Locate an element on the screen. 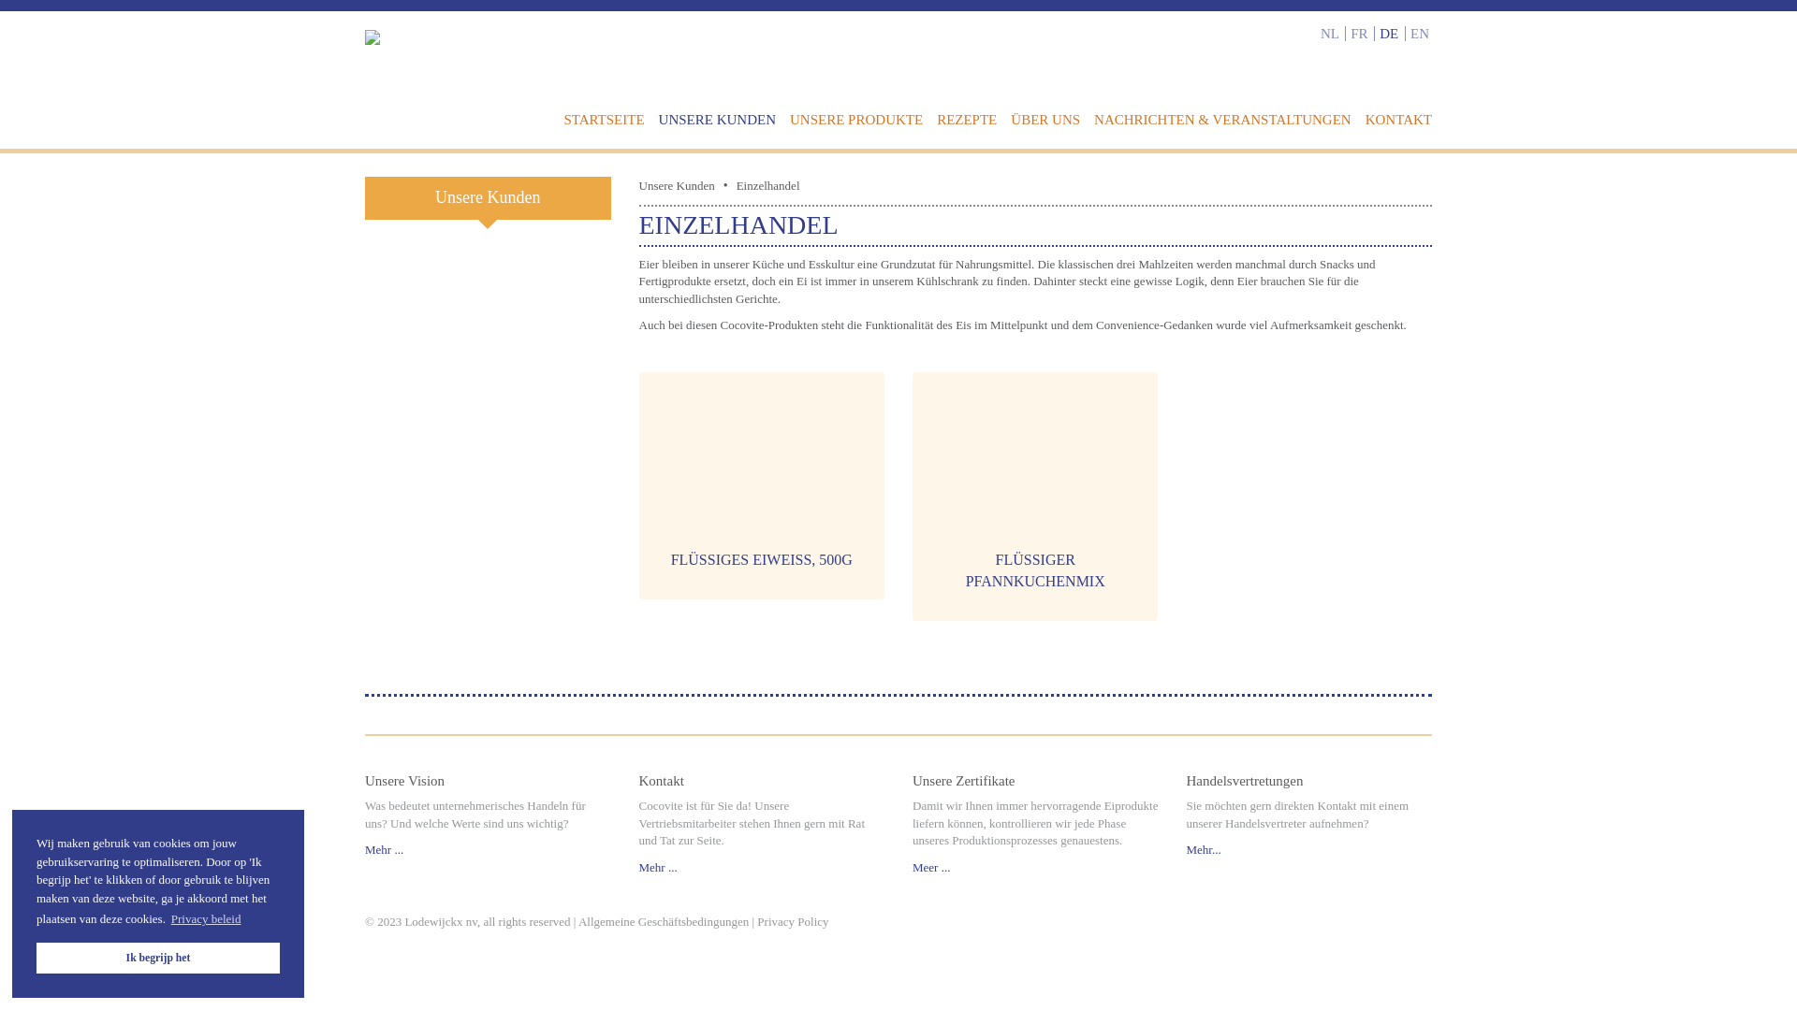 This screenshot has width=1797, height=1010. 'KONTAKT' is located at coordinates (1398, 119).